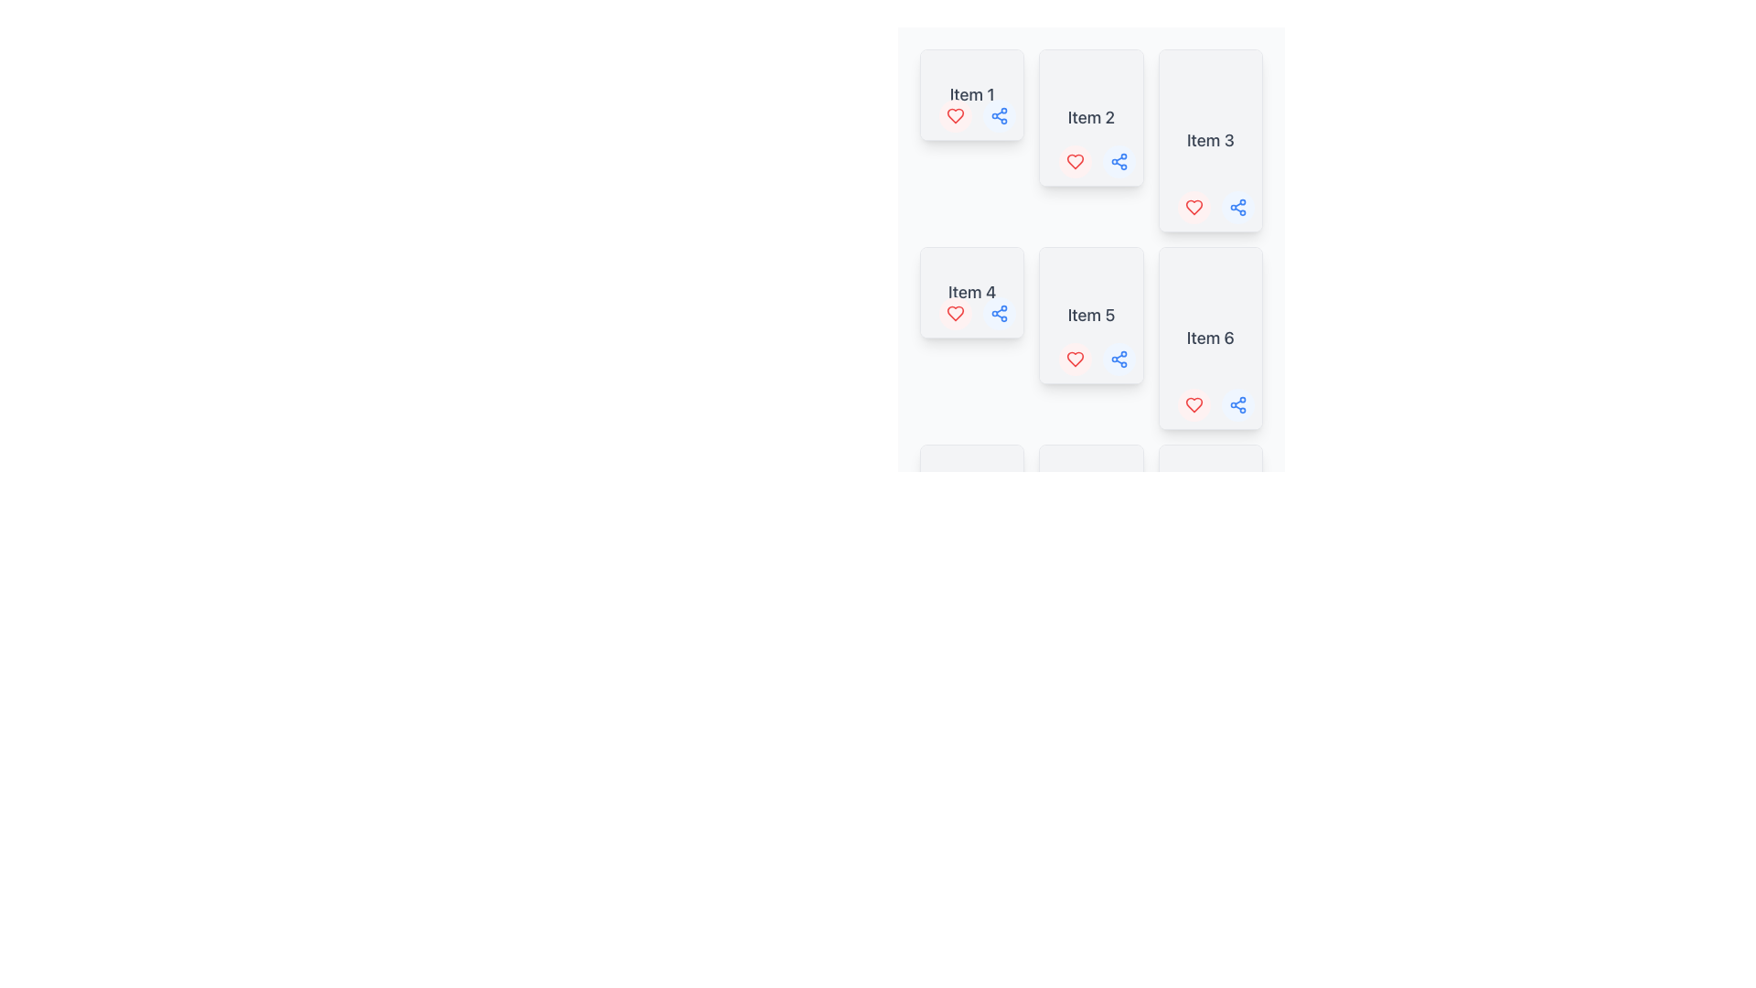 The image size is (1756, 988). What do you see at coordinates (977, 313) in the screenshot?
I see `the heart button on the 'Item 4' card located in the bottom-right corner to like the item` at bounding box center [977, 313].